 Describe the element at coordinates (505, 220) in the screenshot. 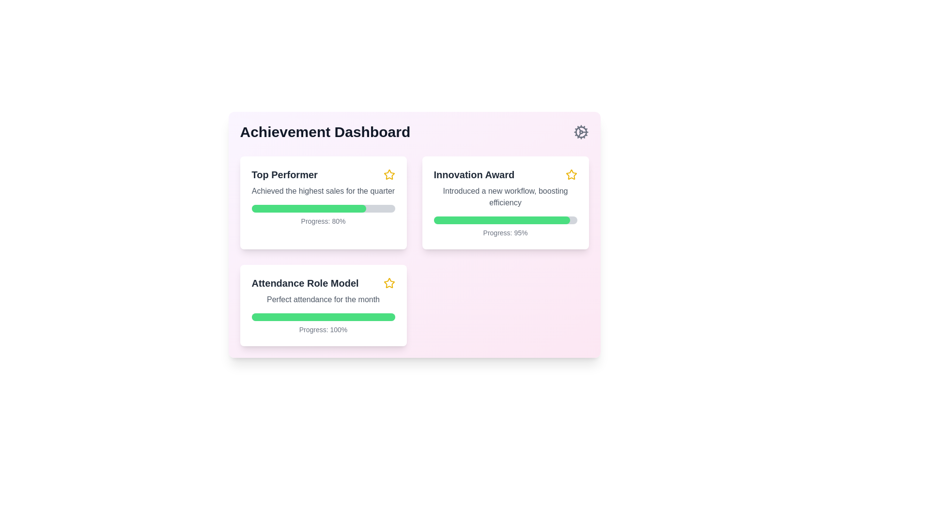

I see `the progress bar located within the 'Innovation Award' card, which is horizontally oriented and has a green section indicating 95% completion` at that location.